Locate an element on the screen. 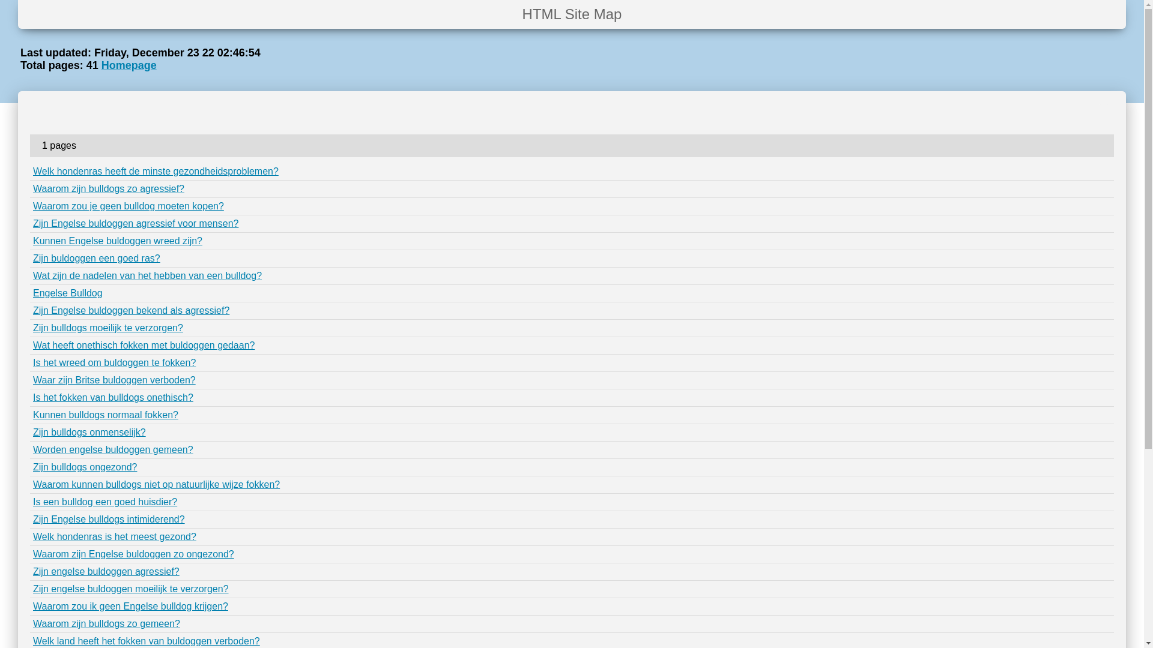 This screenshot has width=1153, height=648. 'Welk hondenras is het meest gezond?' is located at coordinates (115, 536).